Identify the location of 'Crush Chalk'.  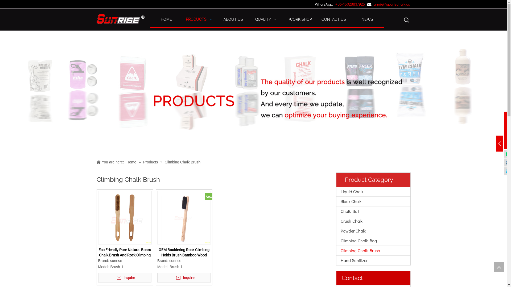
(373, 221).